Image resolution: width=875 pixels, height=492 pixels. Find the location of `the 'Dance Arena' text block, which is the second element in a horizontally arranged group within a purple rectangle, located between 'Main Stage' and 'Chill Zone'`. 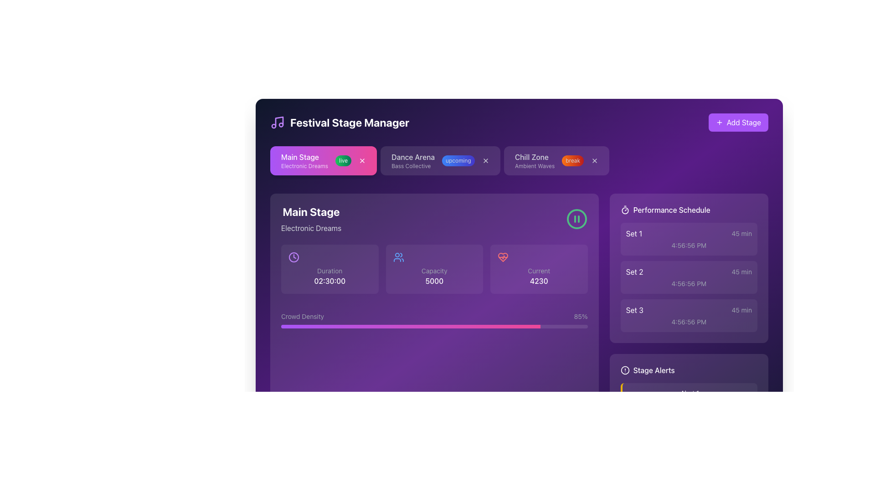

the 'Dance Arena' text block, which is the second element in a horizontally arranged group within a purple rectangle, located between 'Main Stage' and 'Chill Zone' is located at coordinates (412, 160).